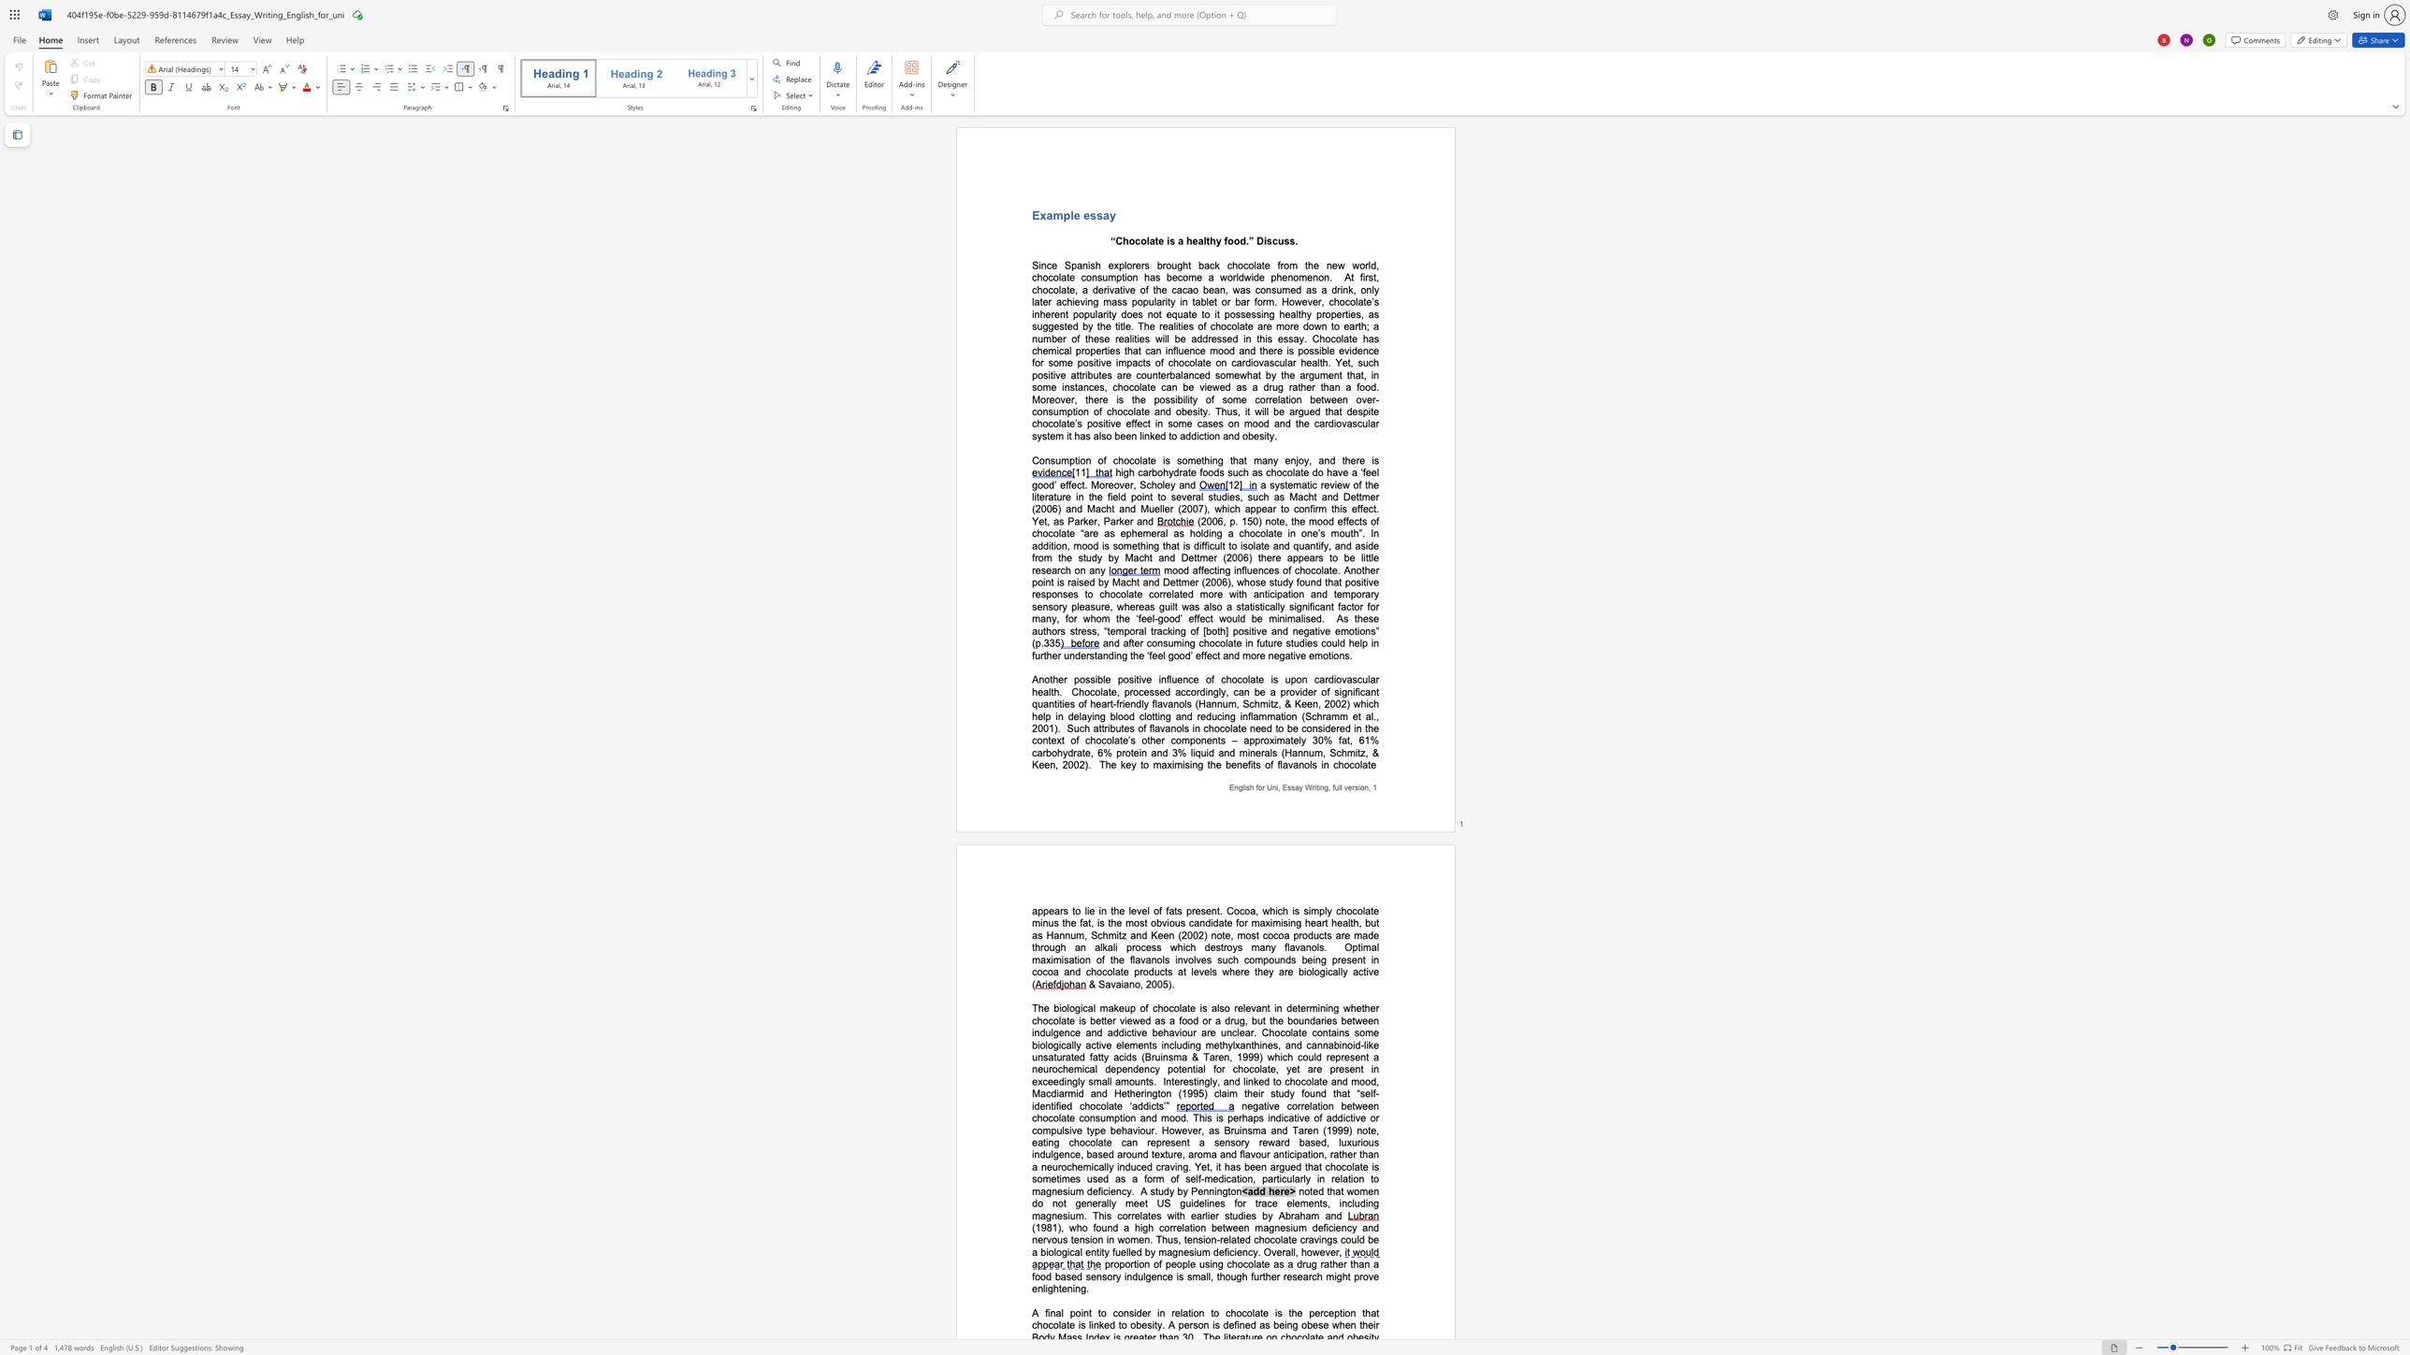 The image size is (2410, 1355). Describe the element at coordinates (1039, 1154) in the screenshot. I see `the subset text "du" within the text "a sensory reward based, luxurious indulgence, based around texture,"` at that location.